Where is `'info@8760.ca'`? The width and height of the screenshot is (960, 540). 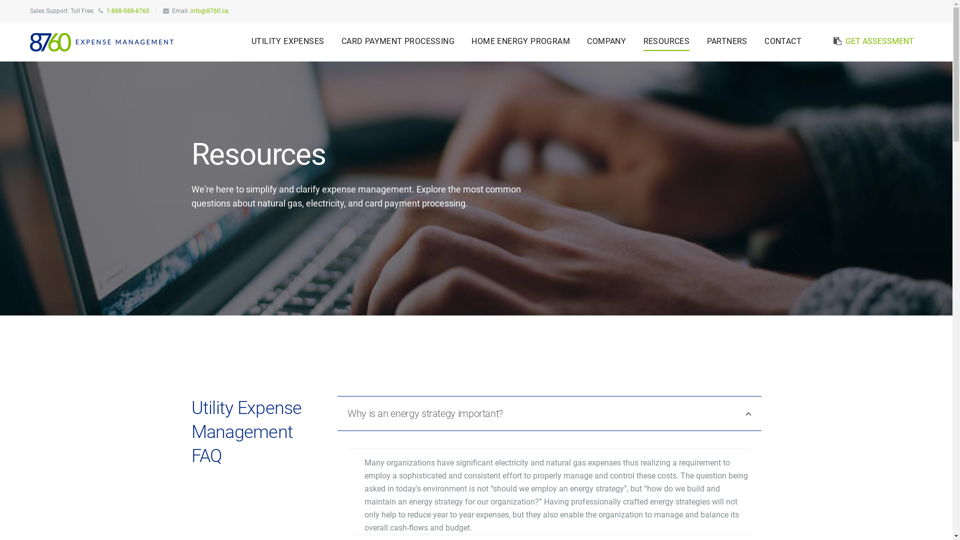 'info@8760.ca' is located at coordinates (208, 11).